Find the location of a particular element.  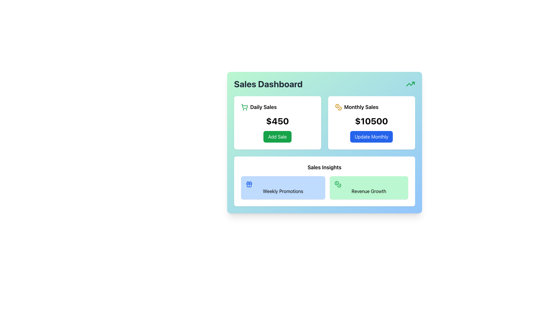

the gift icon located in the 'Weekly Promotions' section of the 'Sales Insights' group, which is centered within the blue background card and appears to the left of the section’s text label is located at coordinates (249, 184).